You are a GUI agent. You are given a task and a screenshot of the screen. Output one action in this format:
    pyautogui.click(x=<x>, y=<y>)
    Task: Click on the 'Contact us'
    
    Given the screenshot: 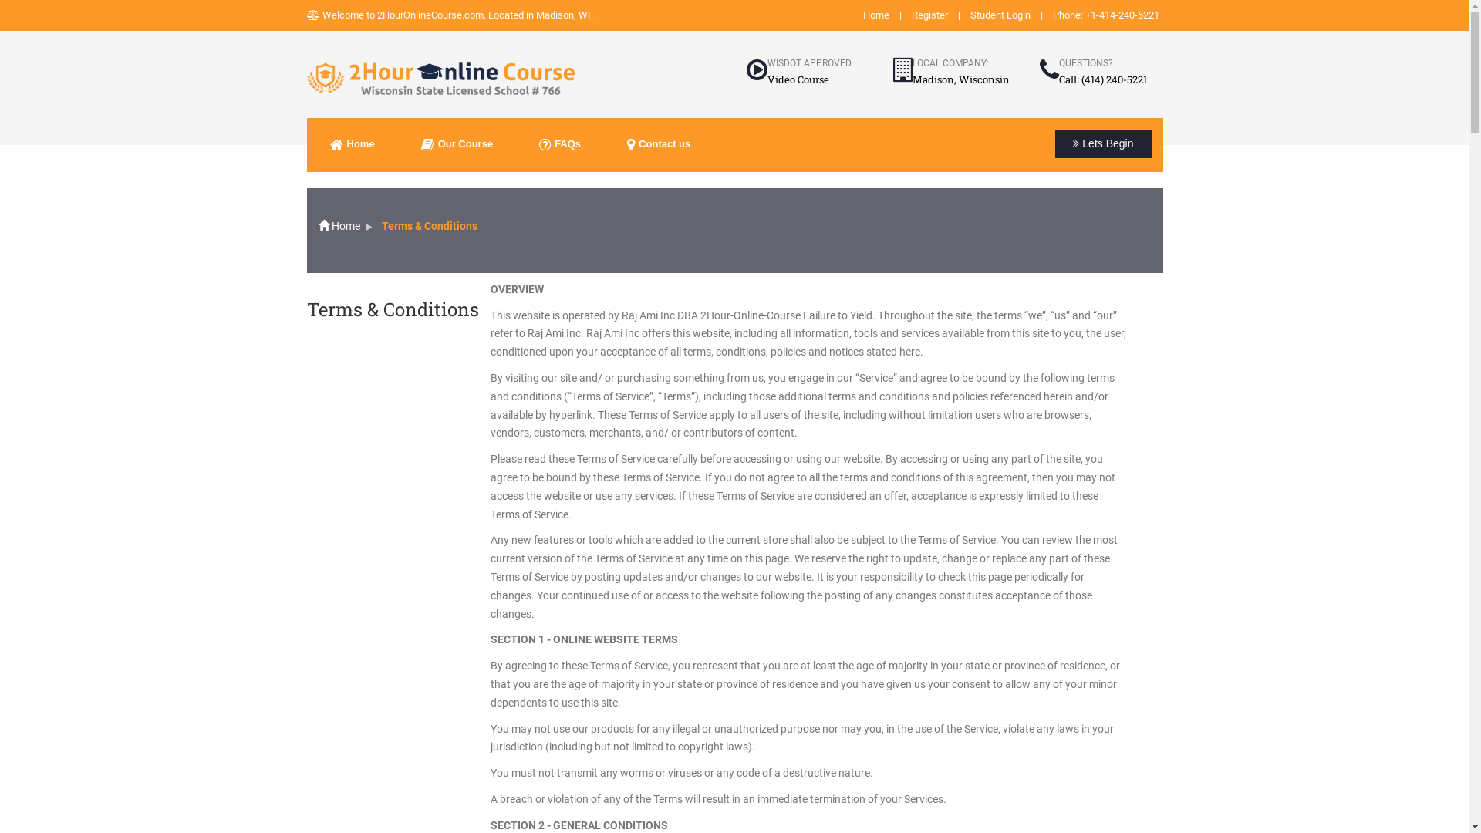 What is the action you would take?
    pyautogui.click(x=659, y=145)
    